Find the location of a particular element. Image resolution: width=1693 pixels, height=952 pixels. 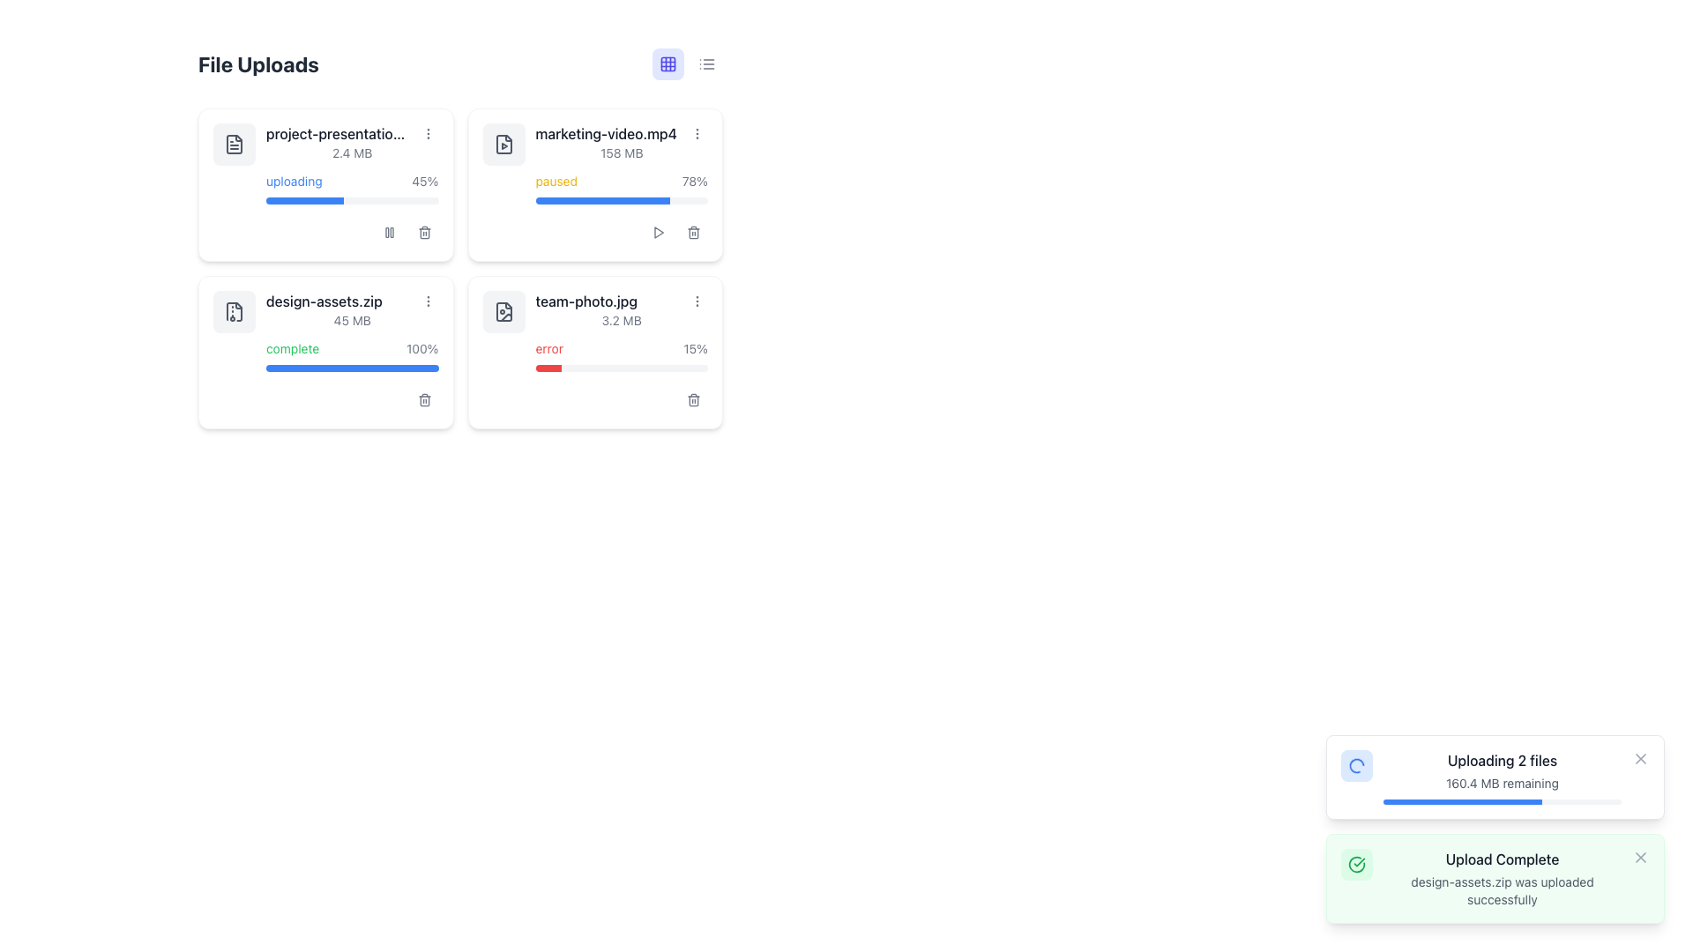

the rectangular SVG icon with rounded corners depicting a folded document and a video play badge, located in the second row, first column of the grid, representing the marketing-video.mp4 file is located at coordinates (503, 144).